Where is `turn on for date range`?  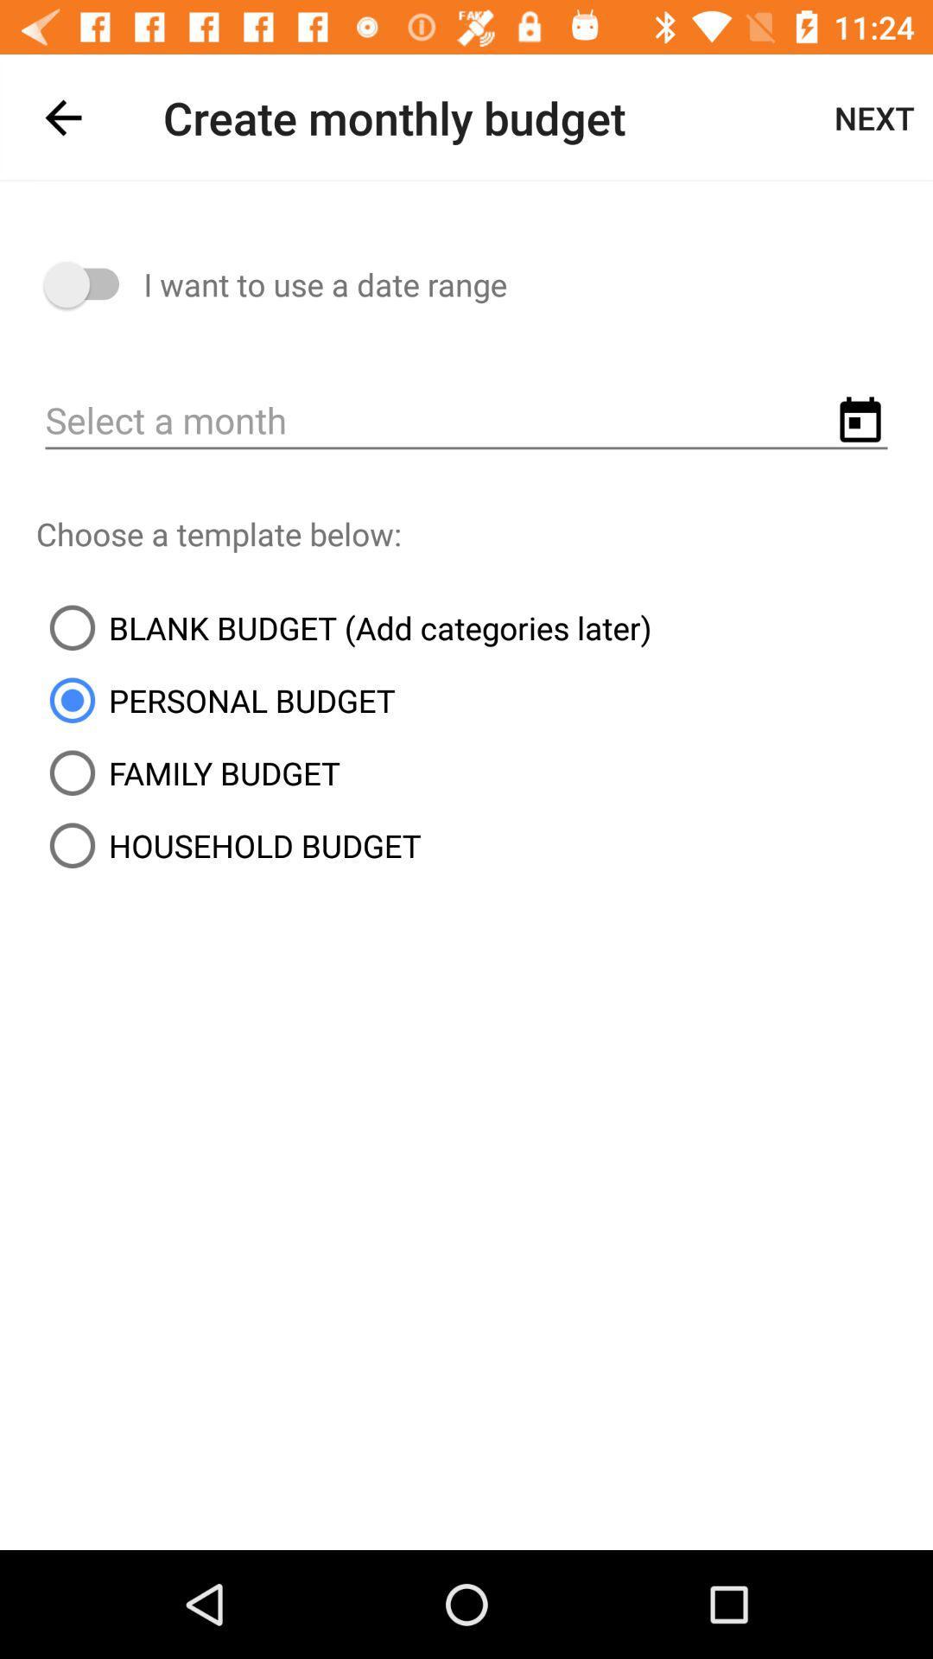 turn on for date range is located at coordinates (90, 284).